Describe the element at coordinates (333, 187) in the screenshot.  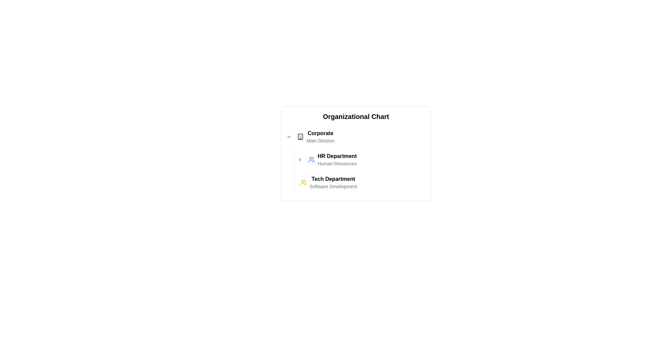
I see `the static text element displaying 'Software Development', which is styled in a small font size and light gray color, located below the 'Tech Department' heading in the organizational chart` at that location.